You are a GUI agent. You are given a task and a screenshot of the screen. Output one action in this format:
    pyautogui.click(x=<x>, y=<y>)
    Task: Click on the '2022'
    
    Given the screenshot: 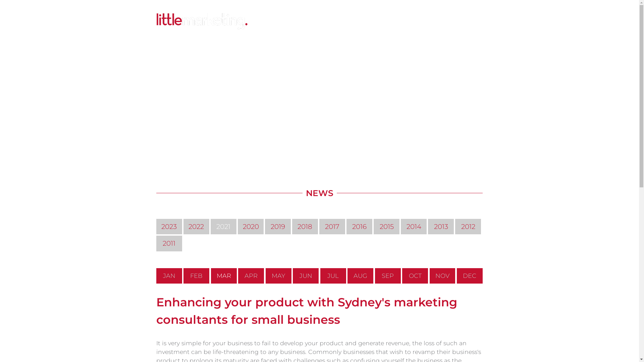 What is the action you would take?
    pyautogui.click(x=196, y=226)
    